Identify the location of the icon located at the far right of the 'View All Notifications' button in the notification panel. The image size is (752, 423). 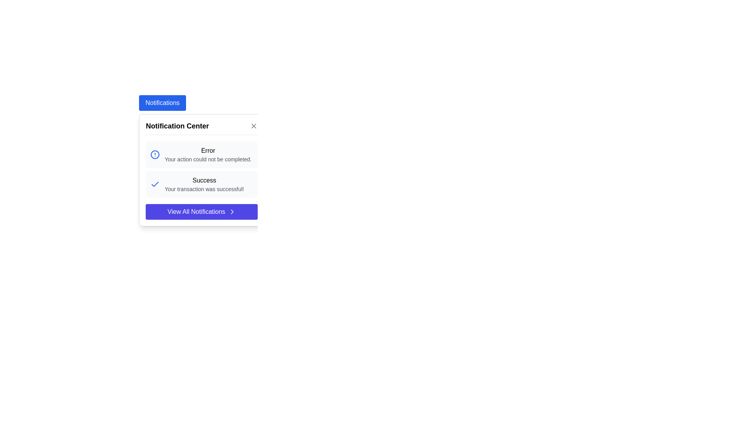
(232, 211).